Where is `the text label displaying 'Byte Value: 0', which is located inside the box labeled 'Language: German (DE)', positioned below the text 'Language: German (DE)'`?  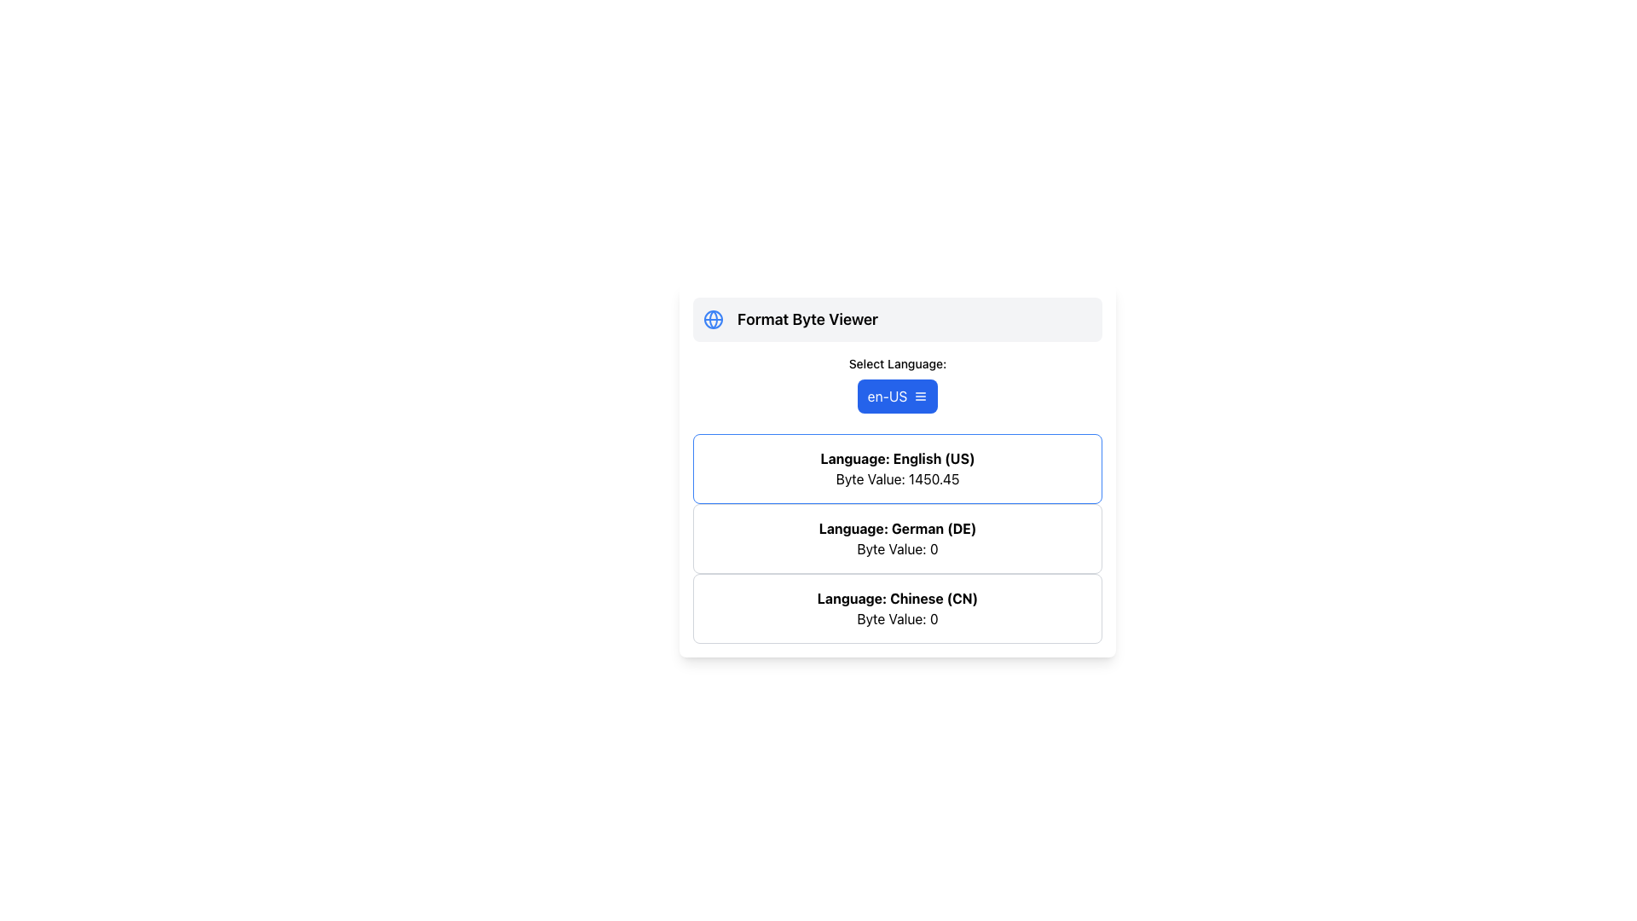 the text label displaying 'Byte Value: 0', which is located inside the box labeled 'Language: German (DE)', positioned below the text 'Language: German (DE)' is located at coordinates (896, 549).